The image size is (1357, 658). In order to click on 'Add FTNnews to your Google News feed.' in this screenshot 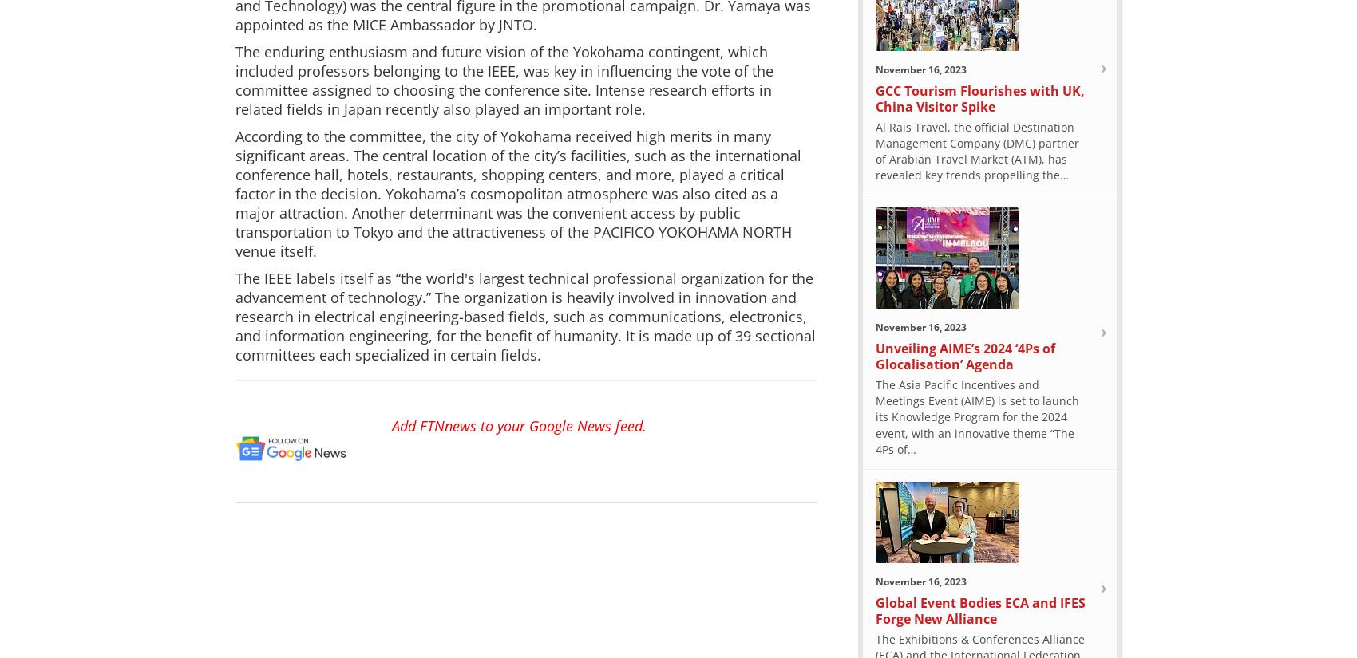, I will do `click(518, 424)`.